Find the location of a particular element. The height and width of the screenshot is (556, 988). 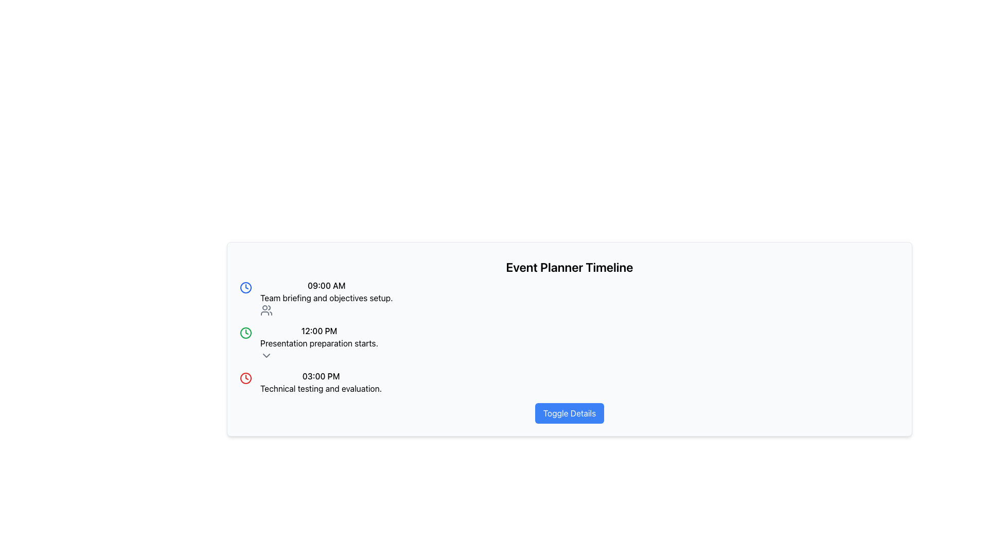

the blue clock icon located at the top-left corner of the '09:00 AM Team briefing and objectives setup.' event description is located at coordinates (245, 288).